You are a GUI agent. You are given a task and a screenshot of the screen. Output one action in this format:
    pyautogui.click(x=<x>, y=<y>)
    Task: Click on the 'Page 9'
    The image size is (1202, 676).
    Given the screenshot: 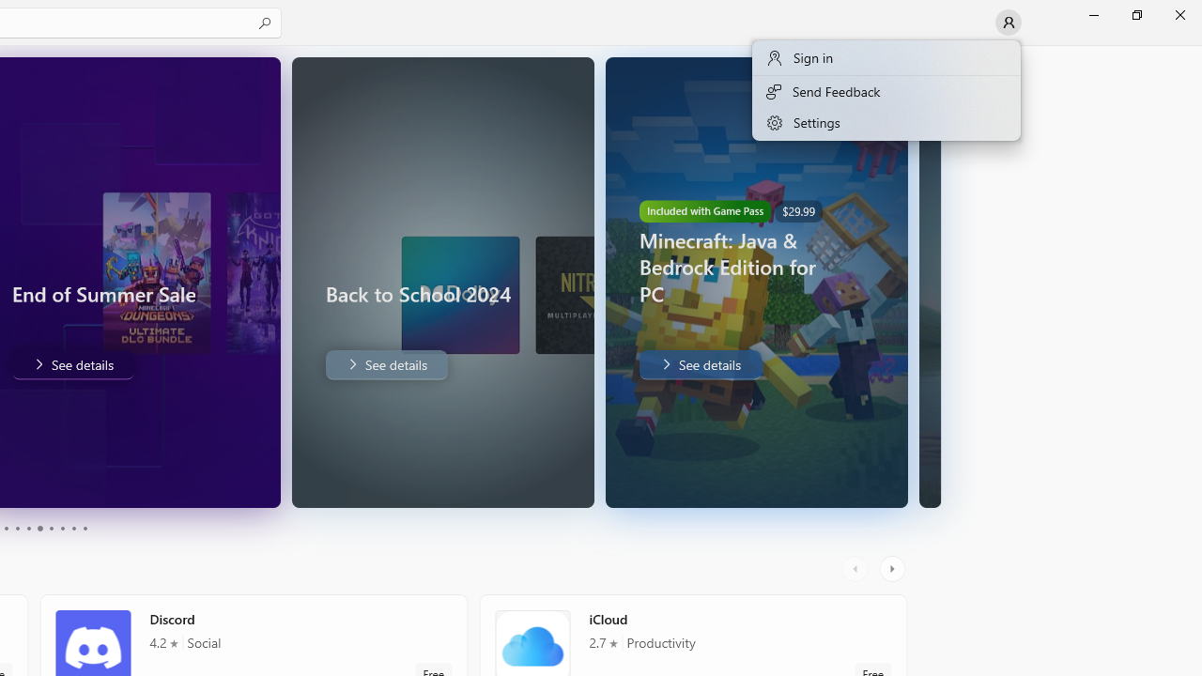 What is the action you would take?
    pyautogui.click(x=73, y=529)
    